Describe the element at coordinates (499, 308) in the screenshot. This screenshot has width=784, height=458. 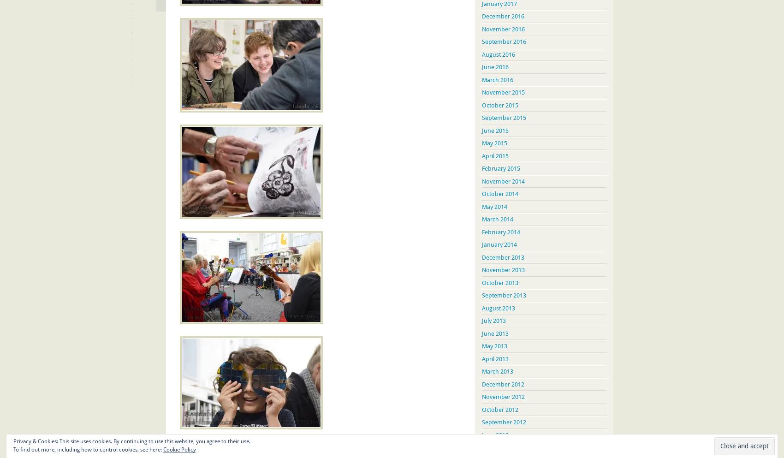
I see `'August 2013'` at that location.